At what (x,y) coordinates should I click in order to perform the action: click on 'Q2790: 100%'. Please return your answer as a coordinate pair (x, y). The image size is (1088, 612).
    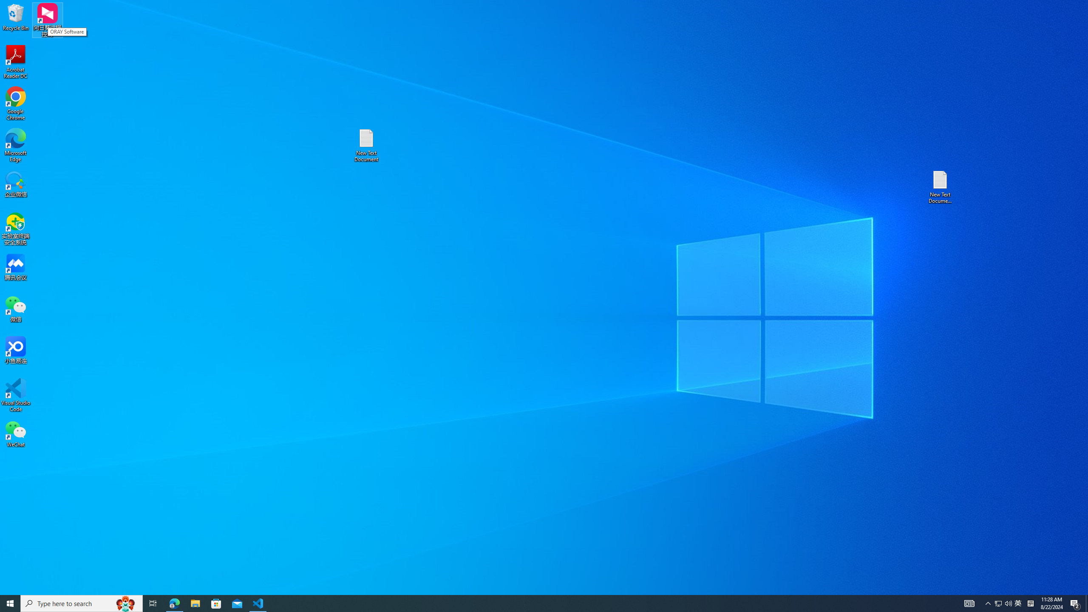
    Looking at the image, I should click on (1008, 603).